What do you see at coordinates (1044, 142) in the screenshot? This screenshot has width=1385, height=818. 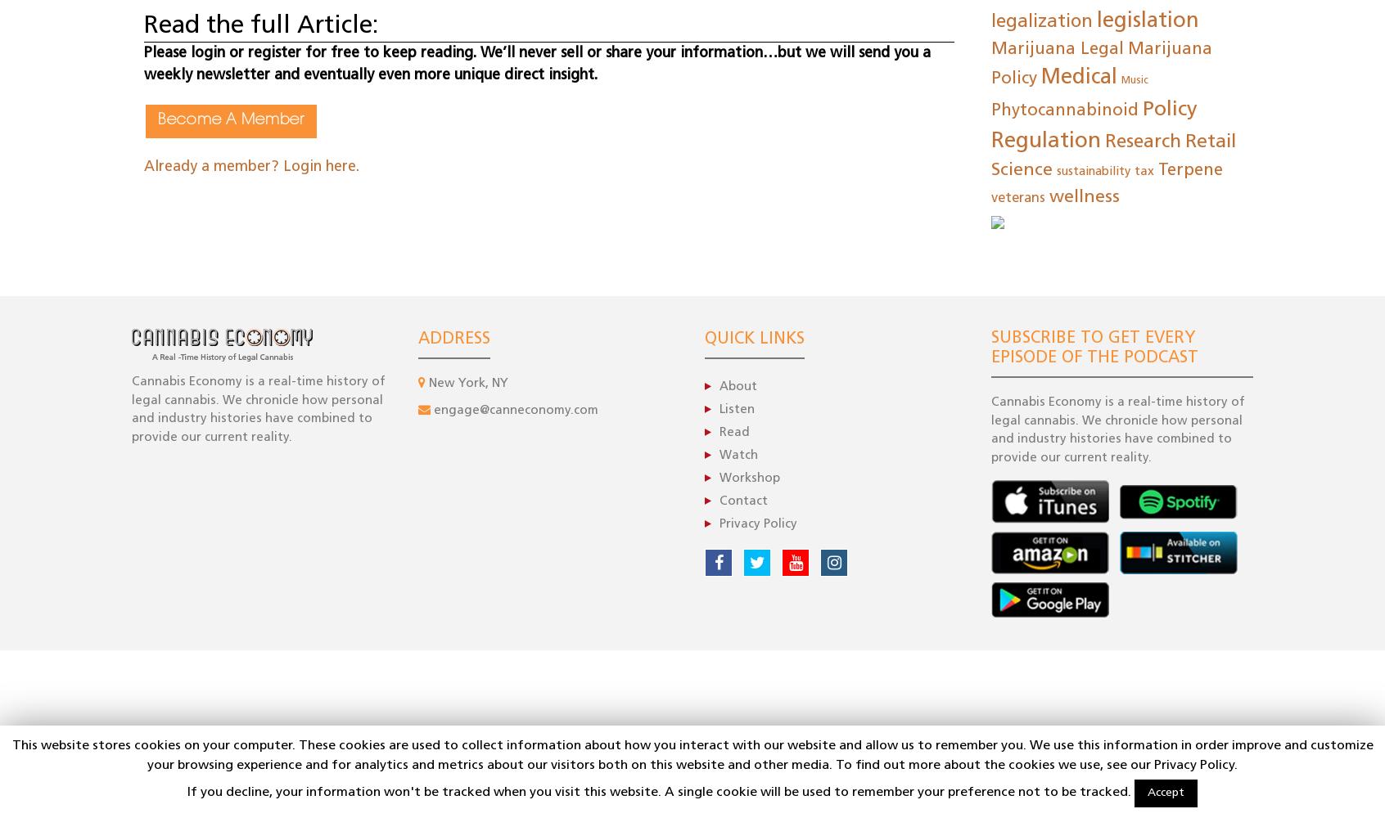 I see `'Regulation'` at bounding box center [1044, 142].